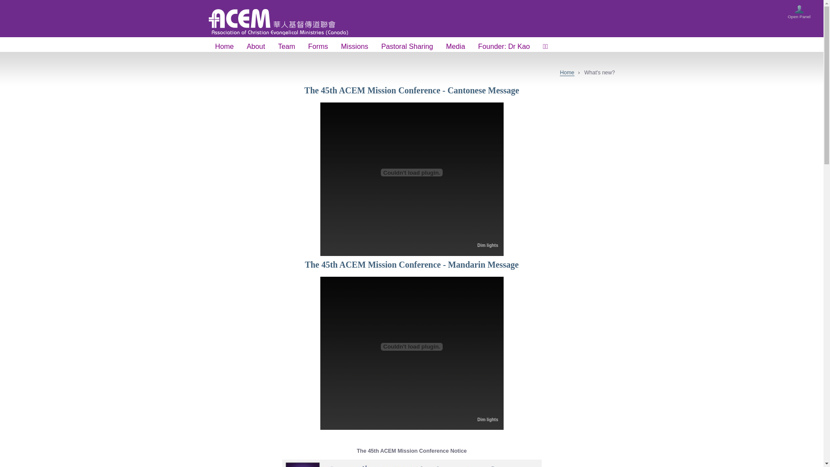 This screenshot has width=830, height=467. I want to click on 'JoomlaWorks AllVideos Player', so click(411, 346).